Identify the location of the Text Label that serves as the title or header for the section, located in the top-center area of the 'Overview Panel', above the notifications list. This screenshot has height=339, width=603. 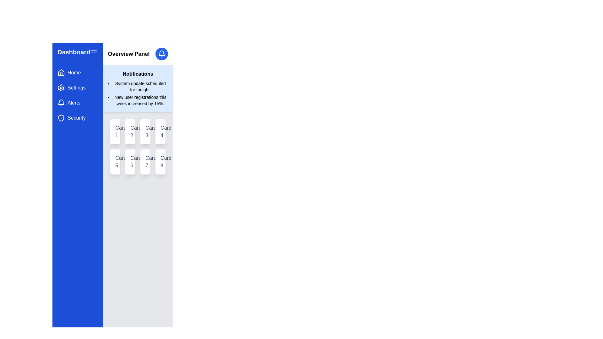
(138, 73).